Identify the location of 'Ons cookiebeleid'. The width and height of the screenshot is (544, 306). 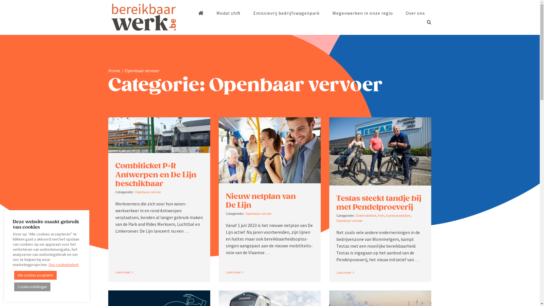
(63, 264).